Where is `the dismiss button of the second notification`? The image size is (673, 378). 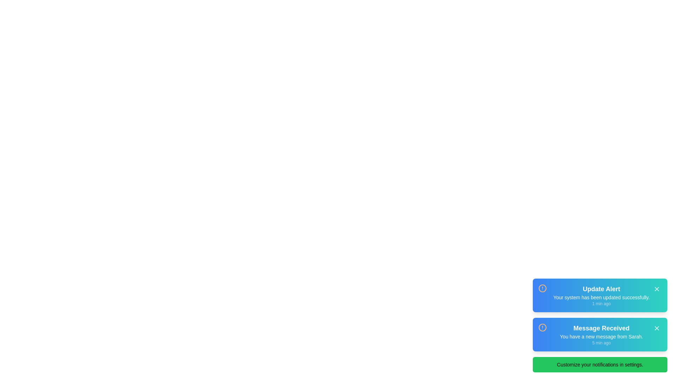
the dismiss button of the second notification is located at coordinates (656, 328).